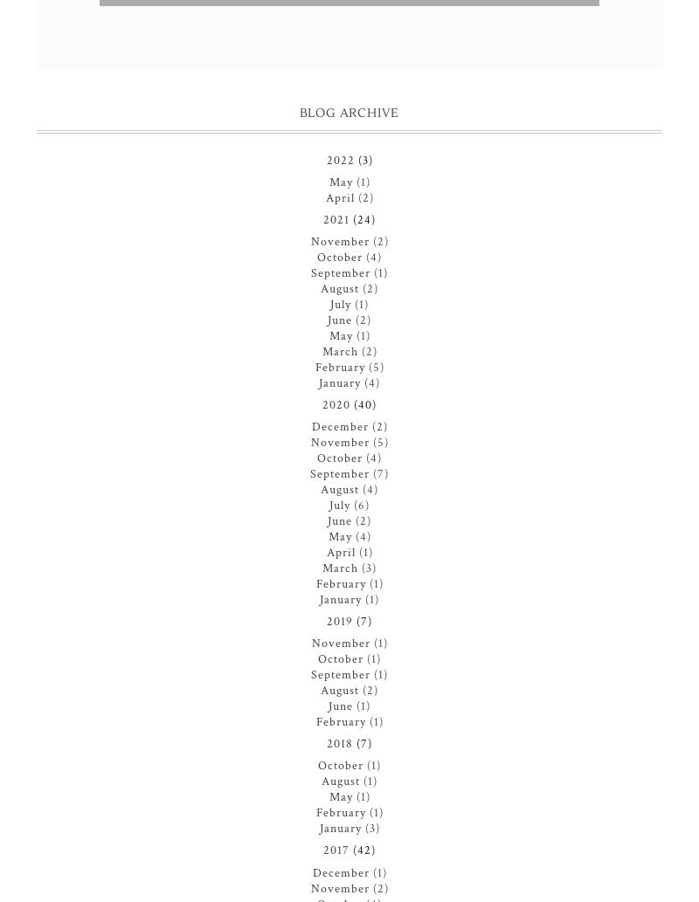 Image resolution: width=699 pixels, height=902 pixels. I want to click on '2019', so click(339, 622).